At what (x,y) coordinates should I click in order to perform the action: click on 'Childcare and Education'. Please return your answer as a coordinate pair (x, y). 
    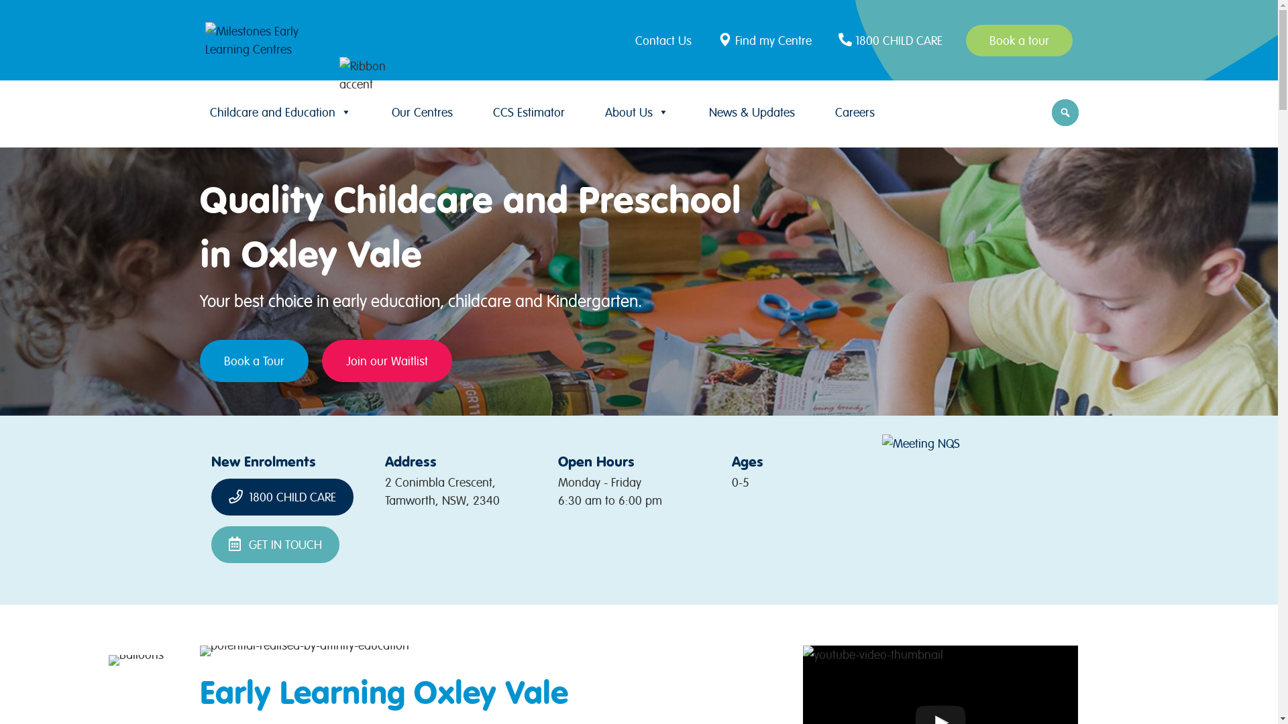
    Looking at the image, I should click on (279, 111).